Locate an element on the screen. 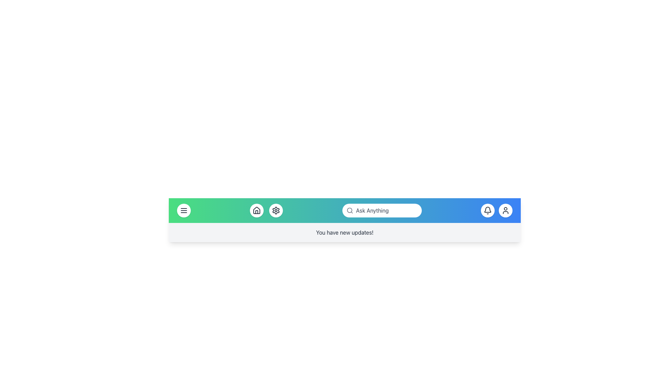 The height and width of the screenshot is (371, 660). the home button located in the middle section of the navigation bar is located at coordinates (256, 210).